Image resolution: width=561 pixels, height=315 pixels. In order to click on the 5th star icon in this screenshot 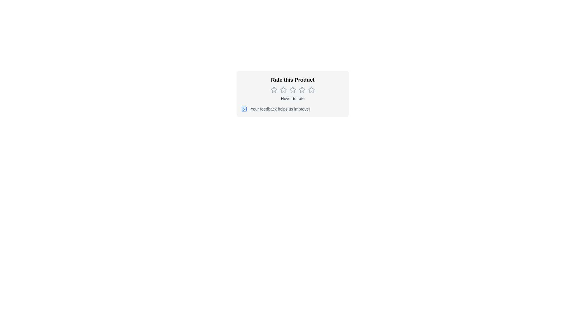, I will do `click(311, 90)`.